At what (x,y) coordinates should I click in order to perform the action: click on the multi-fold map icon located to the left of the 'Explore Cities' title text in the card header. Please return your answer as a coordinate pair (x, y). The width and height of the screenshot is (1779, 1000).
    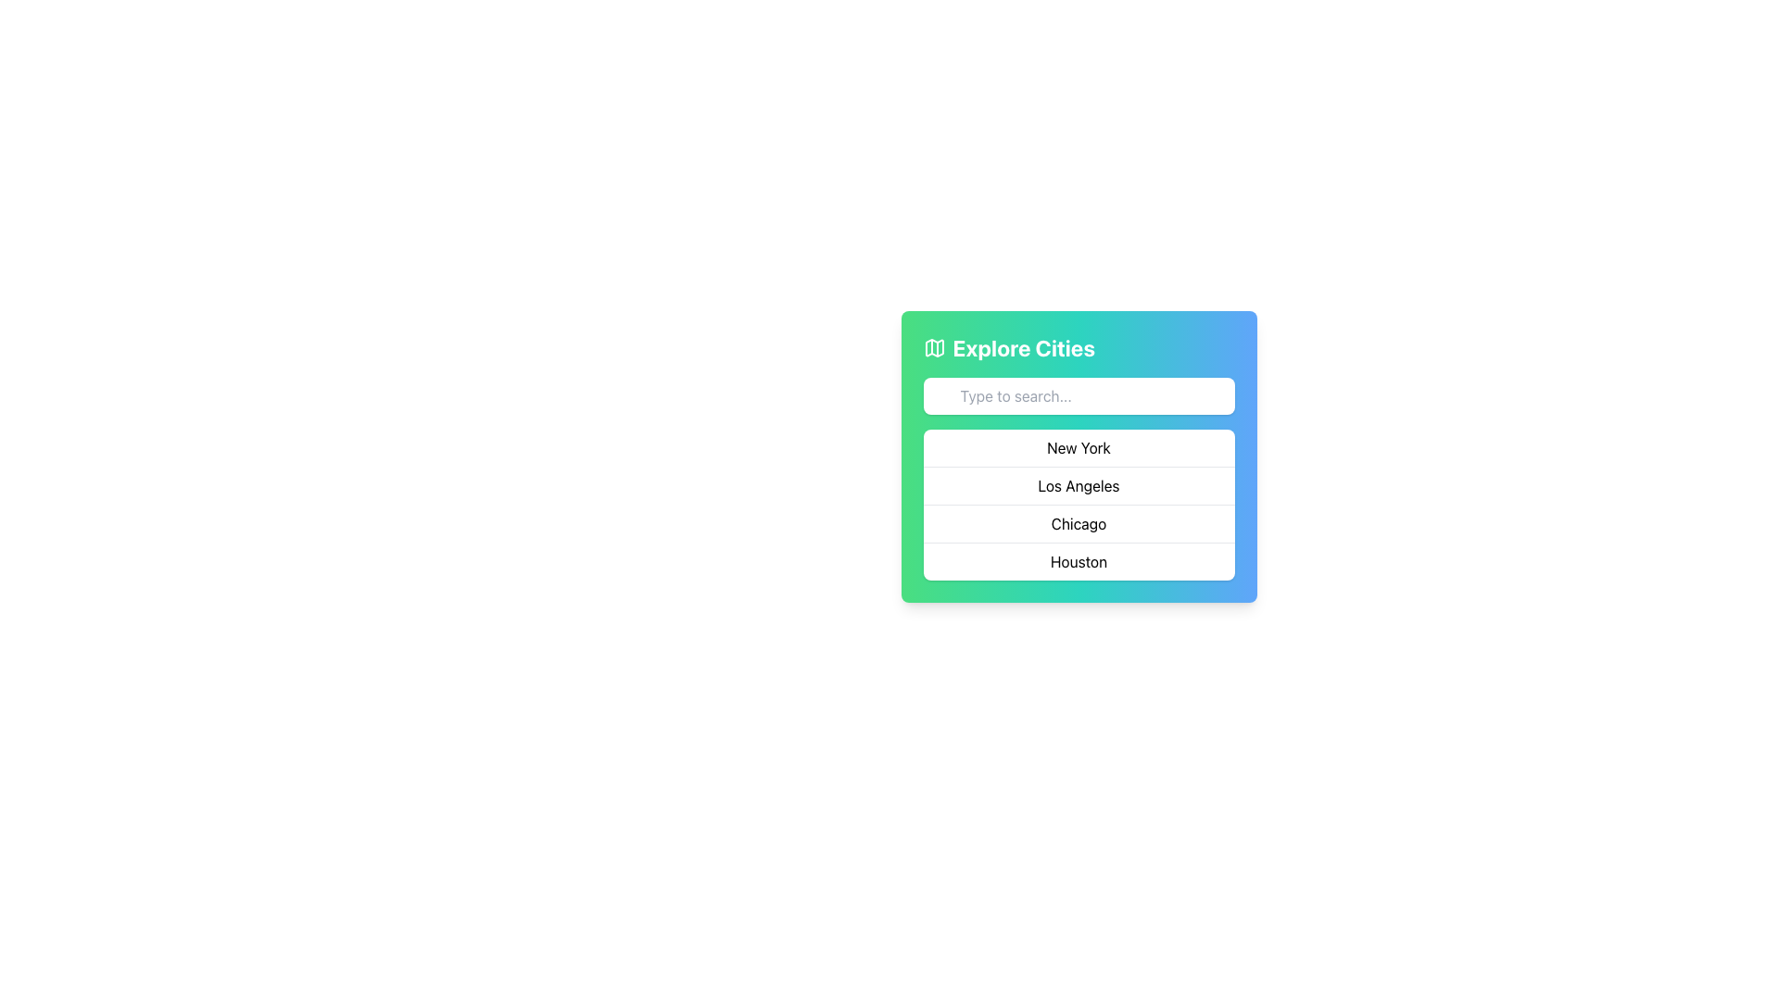
    Looking at the image, I should click on (934, 347).